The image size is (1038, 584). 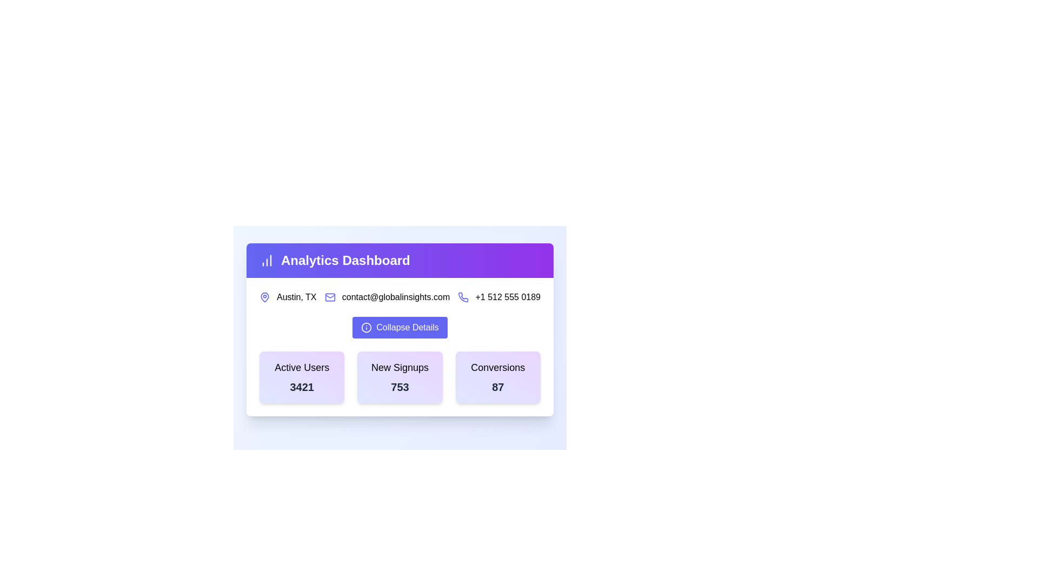 I want to click on the 'Collapse Details' button in the dashboard display area, so click(x=399, y=329).